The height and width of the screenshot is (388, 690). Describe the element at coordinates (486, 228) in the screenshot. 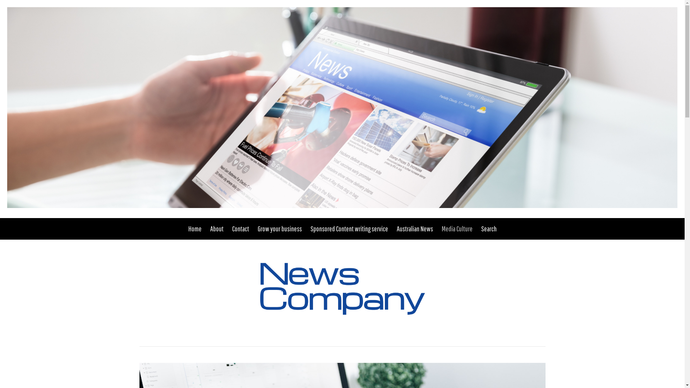

I see `'Search'` at that location.